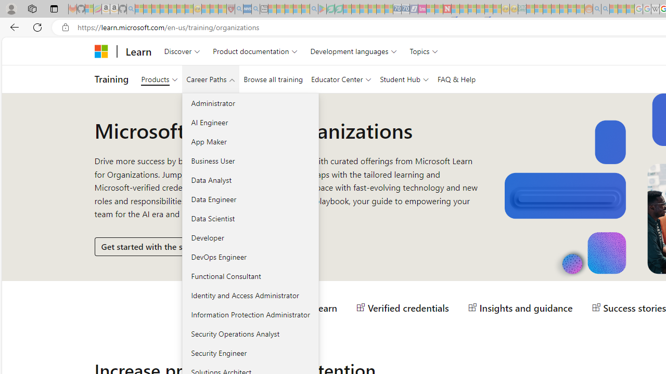 The width and height of the screenshot is (666, 374). Describe the element at coordinates (250, 179) in the screenshot. I see `'Data Analyst'` at that location.